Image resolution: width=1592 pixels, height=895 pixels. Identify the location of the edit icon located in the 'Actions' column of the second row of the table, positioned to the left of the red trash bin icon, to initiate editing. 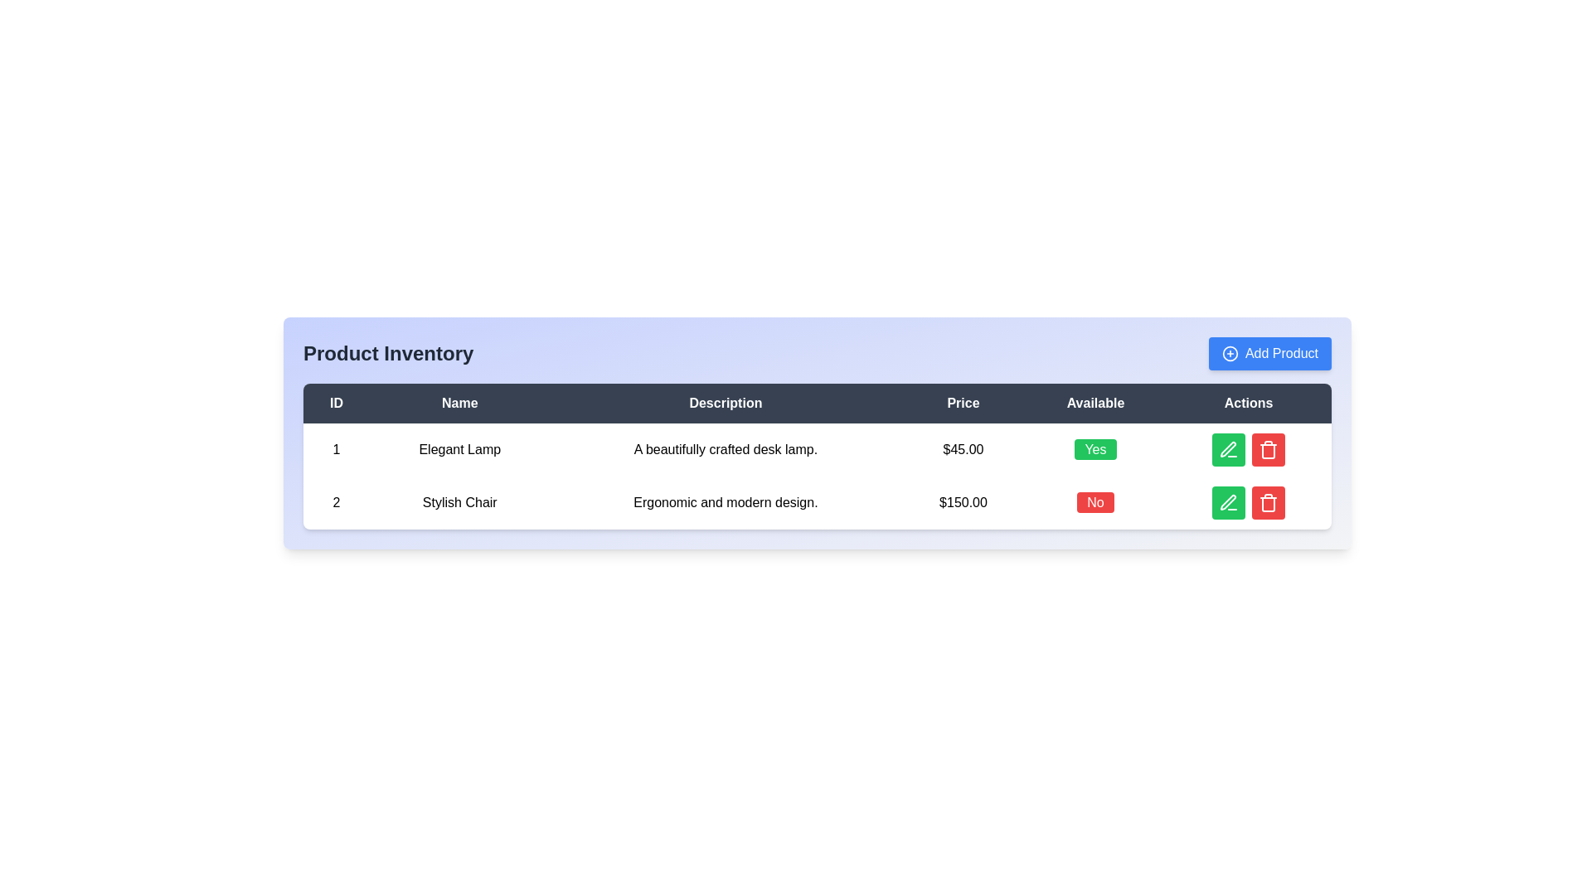
(1228, 449).